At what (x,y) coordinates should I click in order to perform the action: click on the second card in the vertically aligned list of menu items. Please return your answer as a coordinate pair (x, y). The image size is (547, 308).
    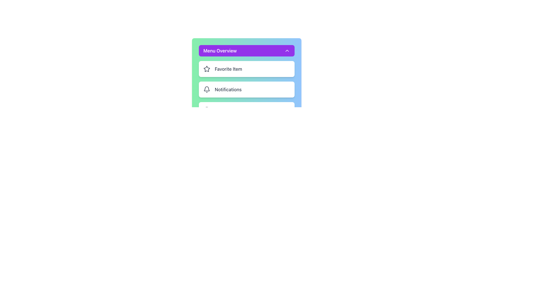
    Looking at the image, I should click on (246, 89).